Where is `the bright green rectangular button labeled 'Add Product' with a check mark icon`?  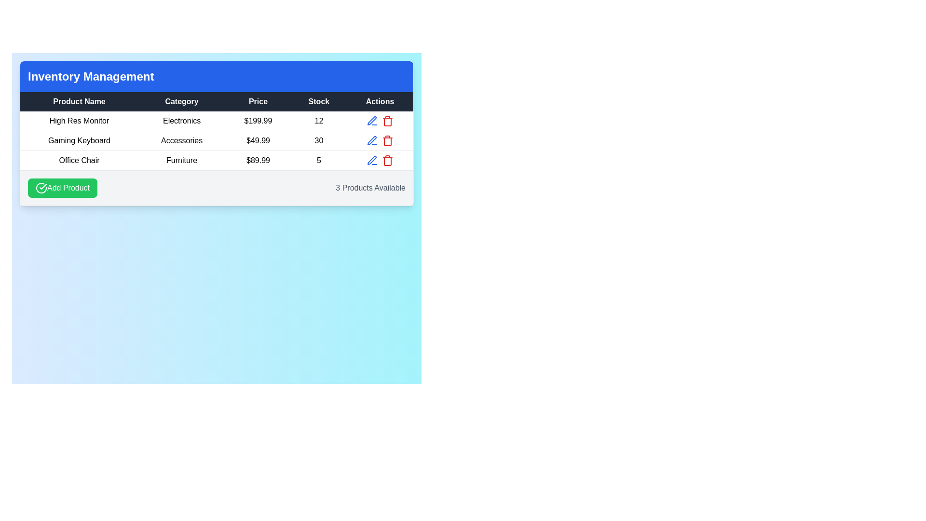 the bright green rectangular button labeled 'Add Product' with a check mark icon is located at coordinates (62, 188).